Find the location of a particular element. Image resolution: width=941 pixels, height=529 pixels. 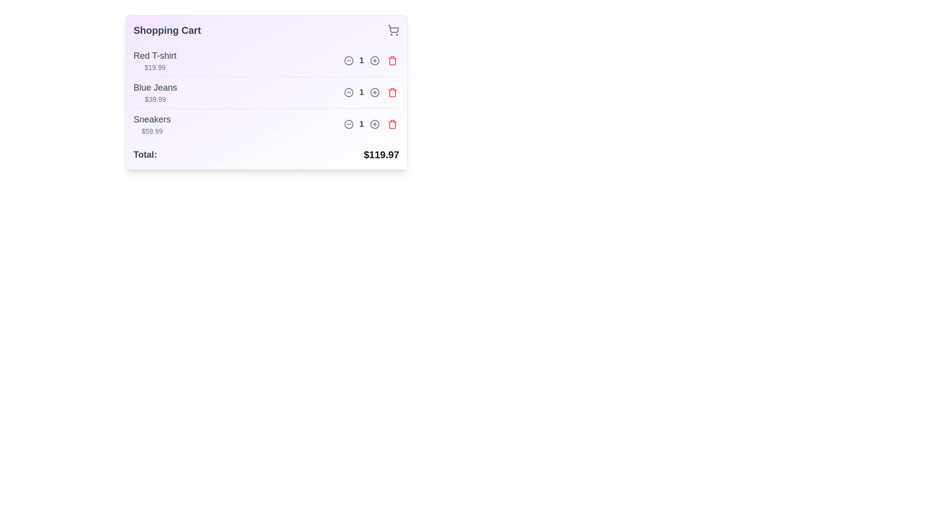

the static text label displaying '1' that indicates the quantity of an item in the shopping cart, located between the decrement and increment buttons is located at coordinates (361, 124).